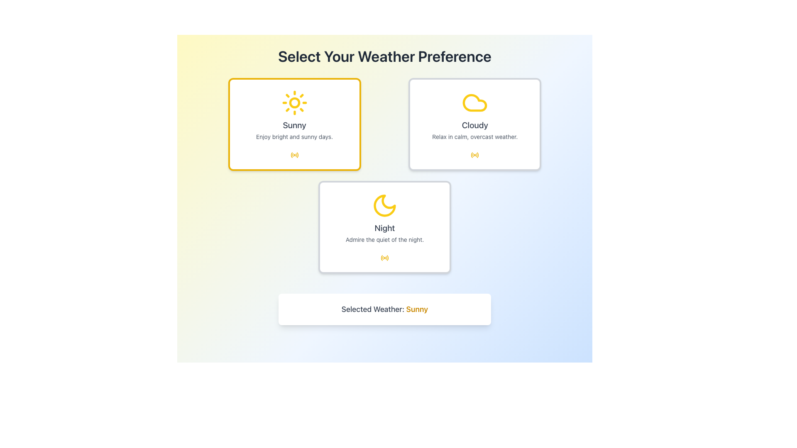 Image resolution: width=797 pixels, height=448 pixels. Describe the element at coordinates (475, 102) in the screenshot. I see `the yellow stroke line-based cloud icon located above the 'Cloudy' text label in the top-right weather preference card` at that location.